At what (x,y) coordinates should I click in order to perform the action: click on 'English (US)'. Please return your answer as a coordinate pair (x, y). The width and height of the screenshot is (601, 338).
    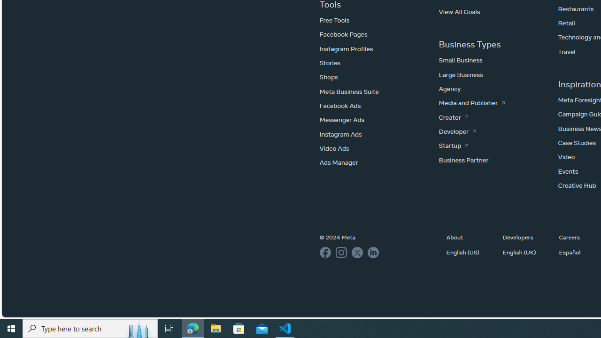
    Looking at the image, I should click on (470, 252).